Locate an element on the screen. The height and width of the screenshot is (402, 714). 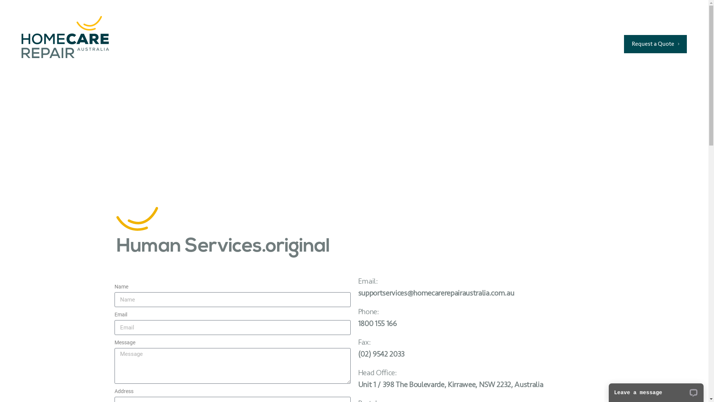
'Request a Quote' is located at coordinates (624, 44).